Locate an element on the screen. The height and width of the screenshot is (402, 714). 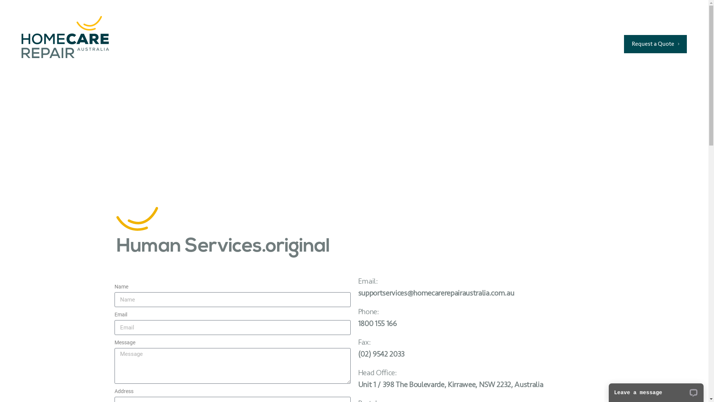
'Request a Quote' is located at coordinates (624, 44).